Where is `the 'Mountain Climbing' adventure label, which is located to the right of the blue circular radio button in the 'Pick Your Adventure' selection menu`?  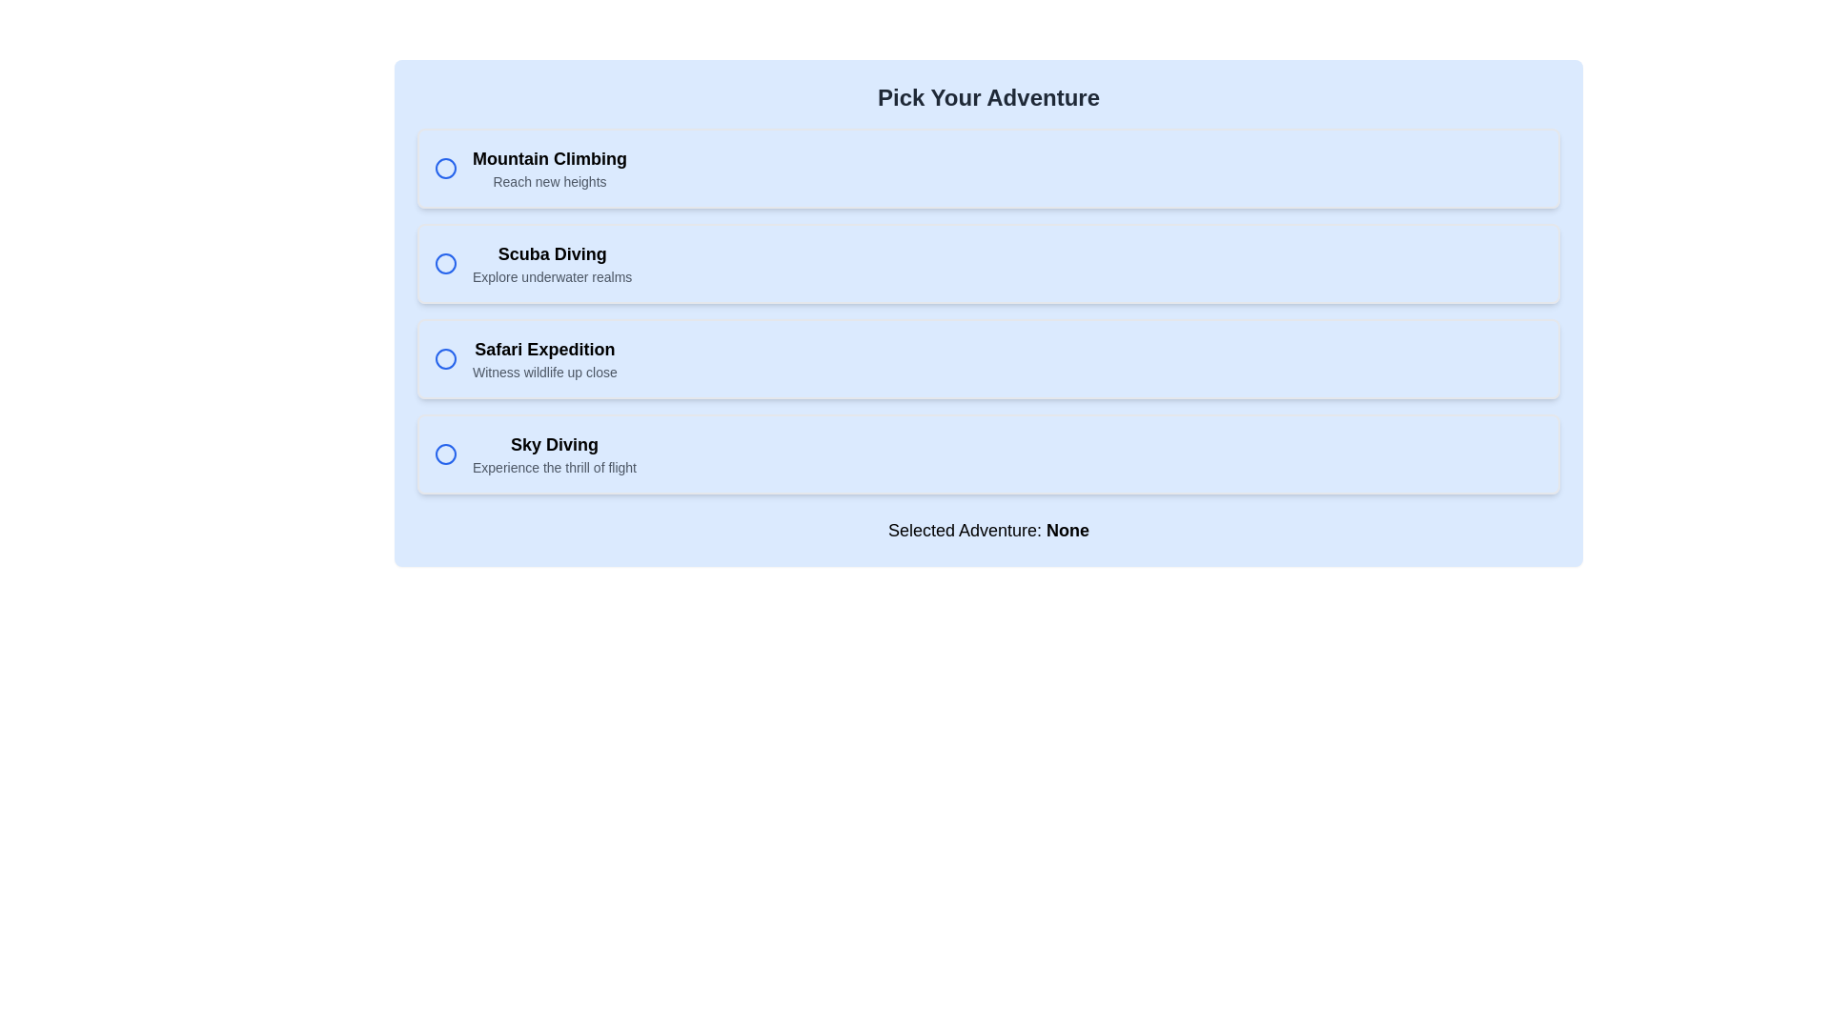
the 'Mountain Climbing' adventure label, which is located to the right of the blue circular radio button in the 'Pick Your Adventure' selection menu is located at coordinates (548, 168).